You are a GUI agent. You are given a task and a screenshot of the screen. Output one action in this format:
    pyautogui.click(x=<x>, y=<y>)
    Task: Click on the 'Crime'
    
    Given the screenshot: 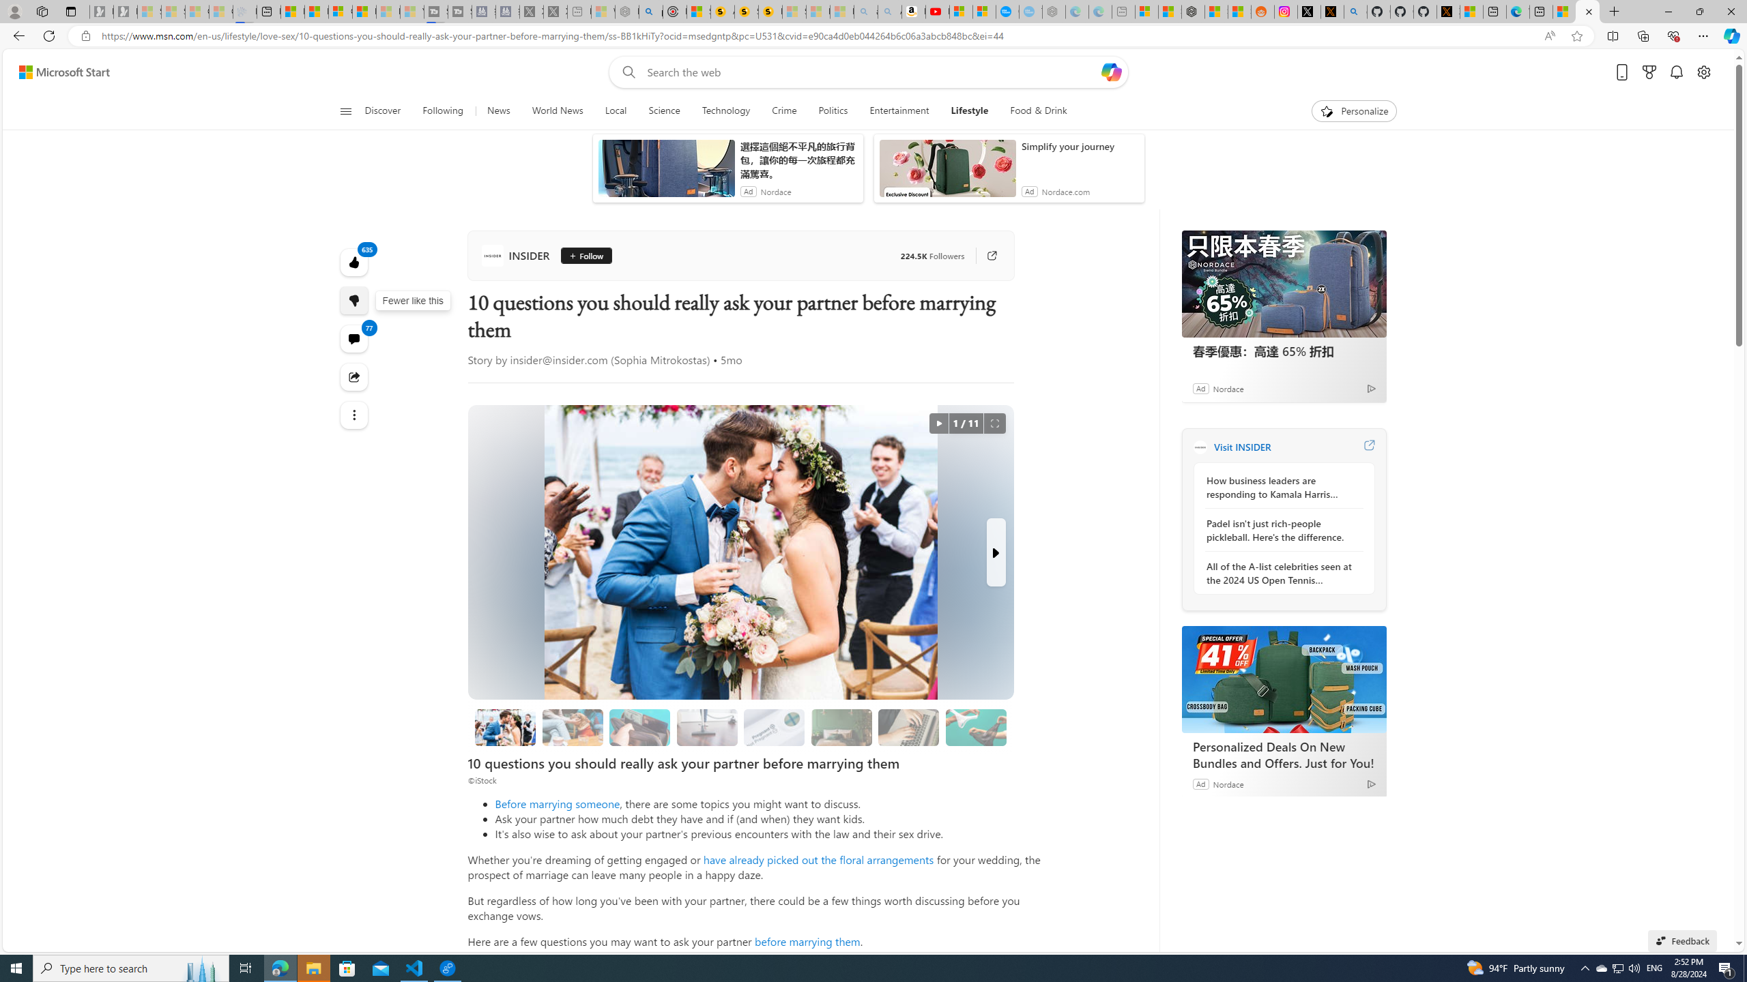 What is the action you would take?
    pyautogui.click(x=784, y=110)
    